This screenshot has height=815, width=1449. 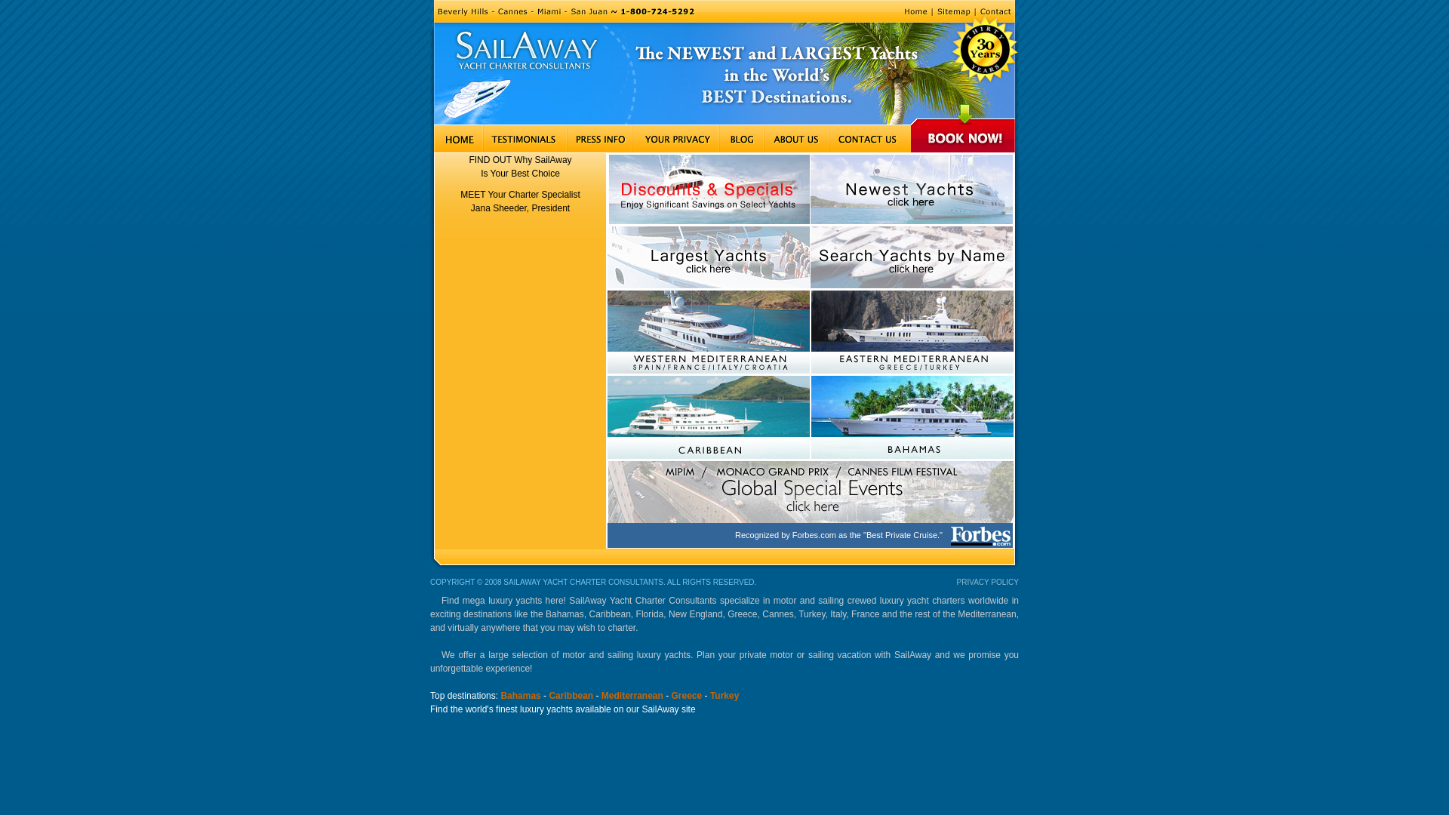 I want to click on 'Turkey', so click(x=724, y=695).